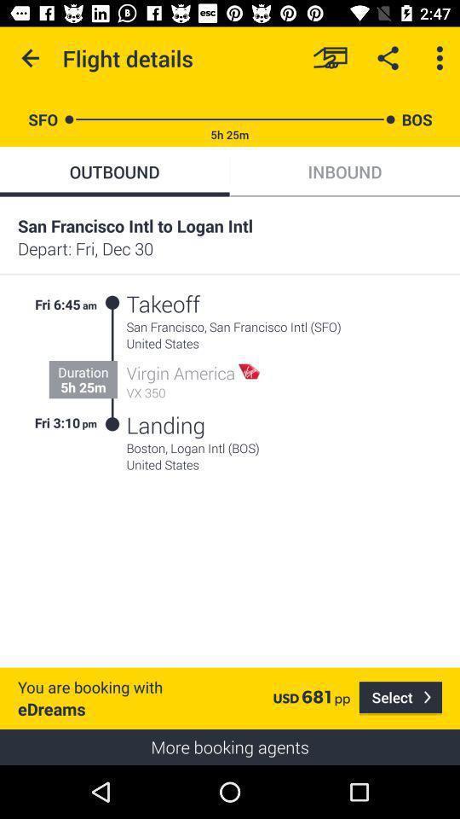 Image resolution: width=460 pixels, height=819 pixels. What do you see at coordinates (330, 58) in the screenshot?
I see `book the flight` at bounding box center [330, 58].